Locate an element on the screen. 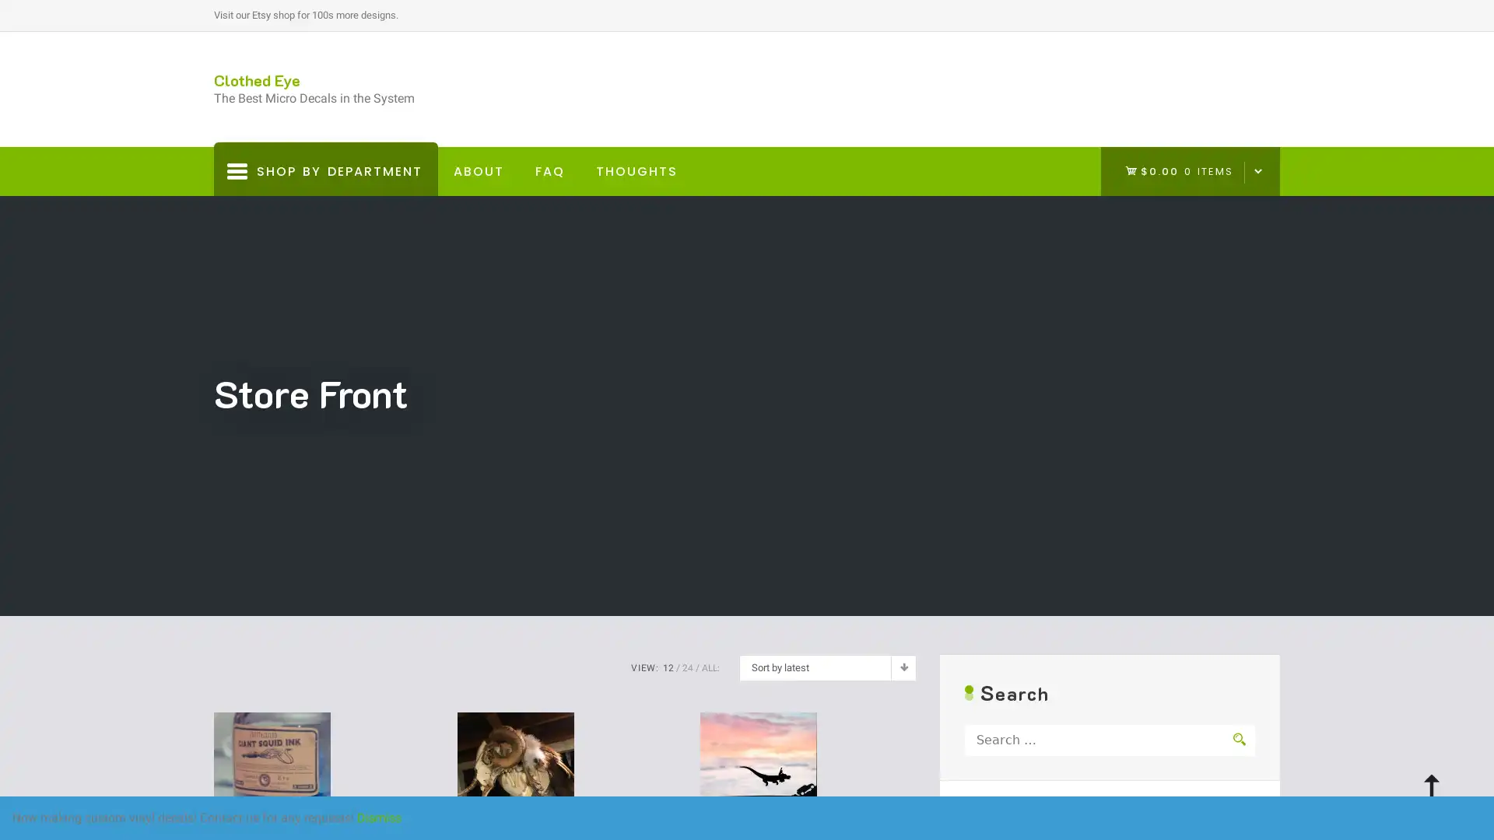 This screenshot has height=840, width=1494. Search is located at coordinates (1239, 739).